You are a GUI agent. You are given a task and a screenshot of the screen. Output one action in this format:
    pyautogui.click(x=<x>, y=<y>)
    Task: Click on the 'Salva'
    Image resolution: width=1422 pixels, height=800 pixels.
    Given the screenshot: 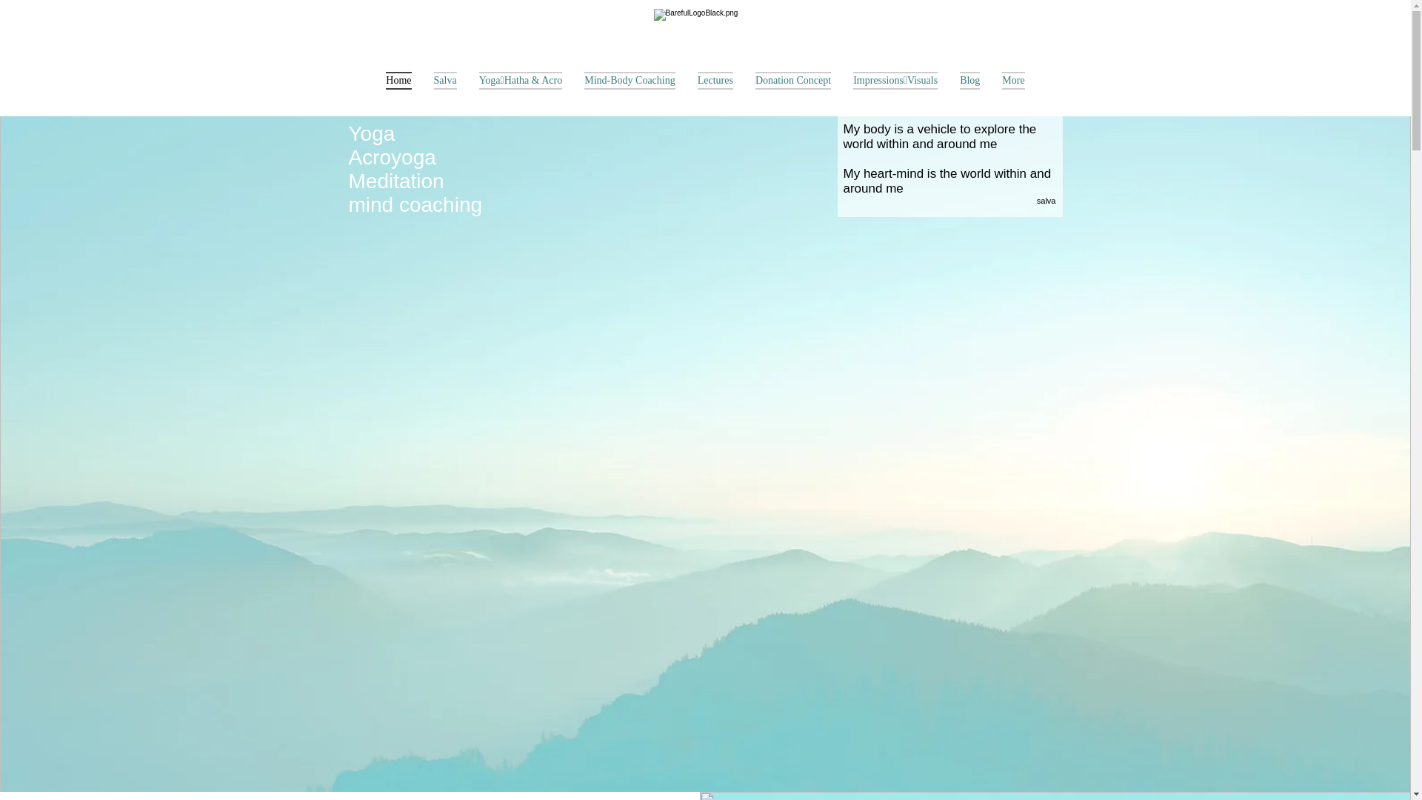 What is the action you would take?
    pyautogui.click(x=444, y=90)
    